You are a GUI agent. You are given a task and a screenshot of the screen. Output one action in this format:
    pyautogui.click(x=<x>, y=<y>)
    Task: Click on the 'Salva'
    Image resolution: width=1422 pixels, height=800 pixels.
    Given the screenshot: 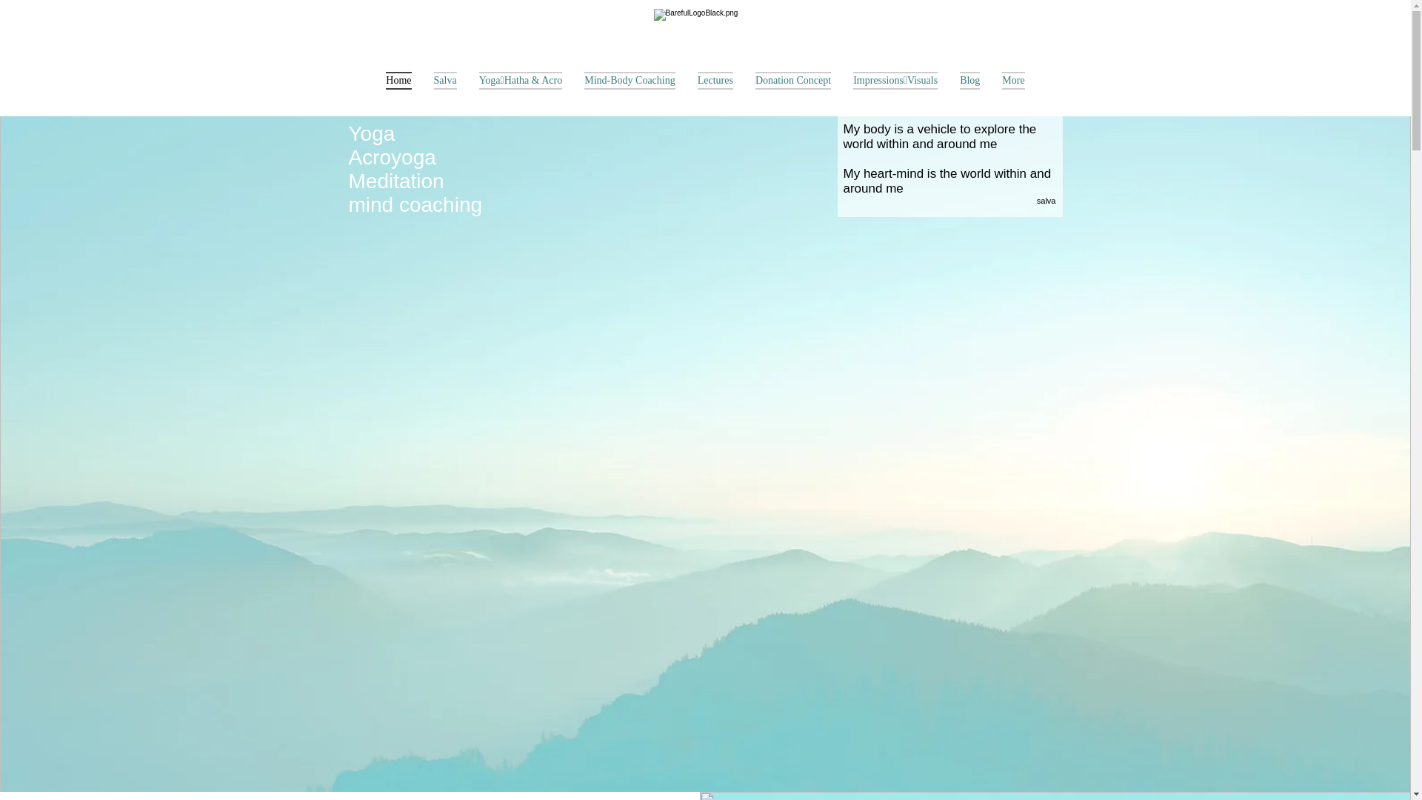 What is the action you would take?
    pyautogui.click(x=444, y=90)
    